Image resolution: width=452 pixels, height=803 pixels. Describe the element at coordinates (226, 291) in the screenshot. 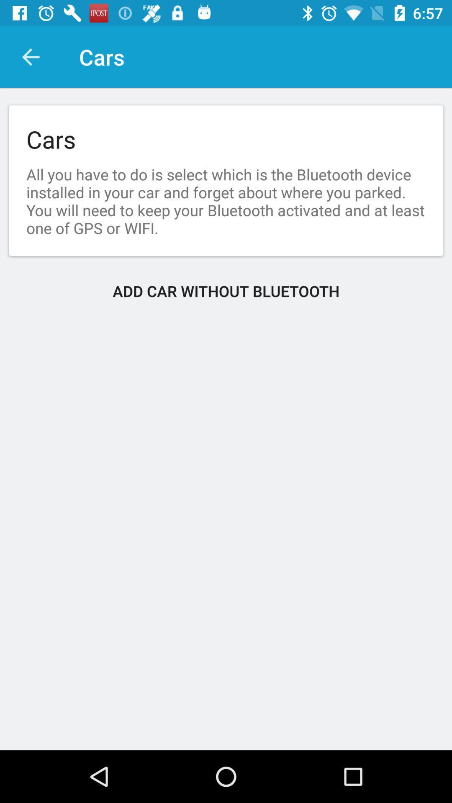

I see `the item below all you have` at that location.